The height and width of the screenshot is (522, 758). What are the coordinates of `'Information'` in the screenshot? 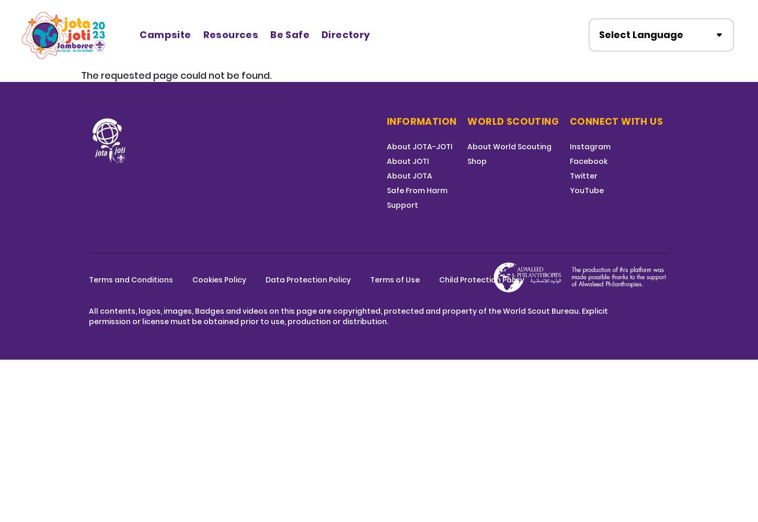 It's located at (421, 121).